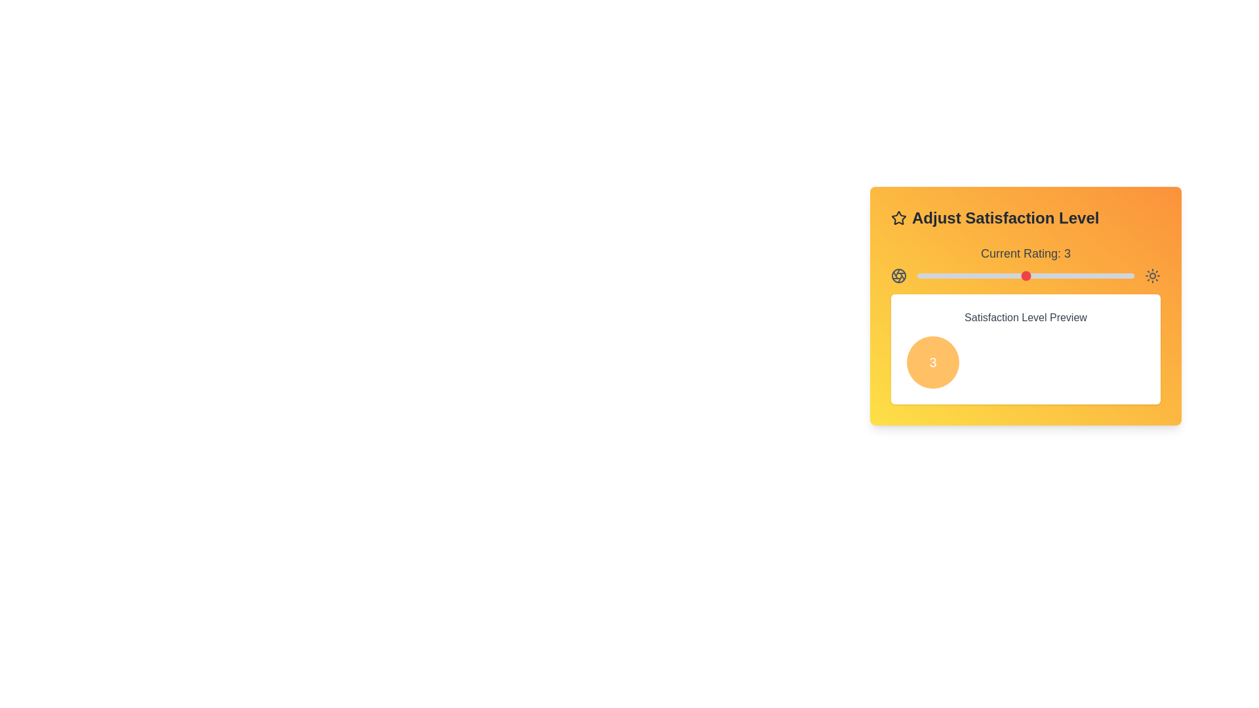 The height and width of the screenshot is (708, 1259). I want to click on the slider to set the rating to 1, so click(916, 275).